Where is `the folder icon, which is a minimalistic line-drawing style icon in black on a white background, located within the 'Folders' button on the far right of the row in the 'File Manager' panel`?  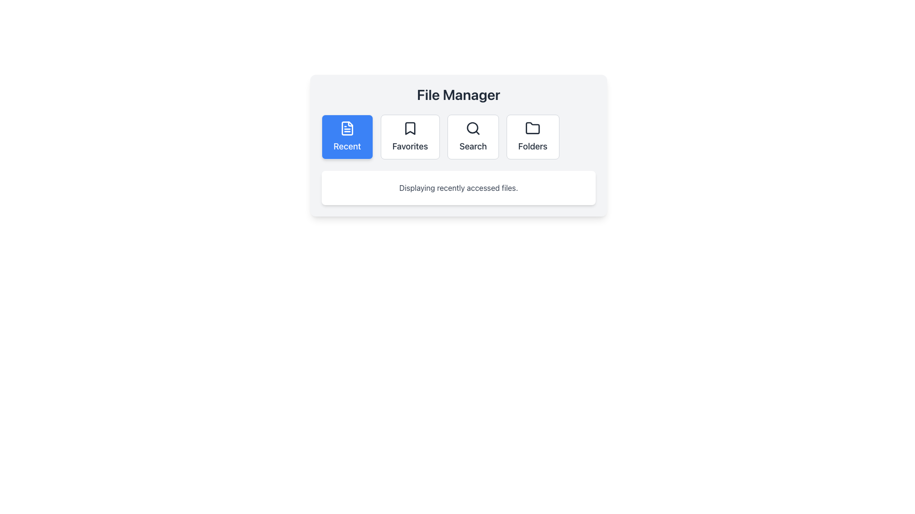
the folder icon, which is a minimalistic line-drawing style icon in black on a white background, located within the 'Folders' button on the far right of the row in the 'File Manager' panel is located at coordinates (532, 128).